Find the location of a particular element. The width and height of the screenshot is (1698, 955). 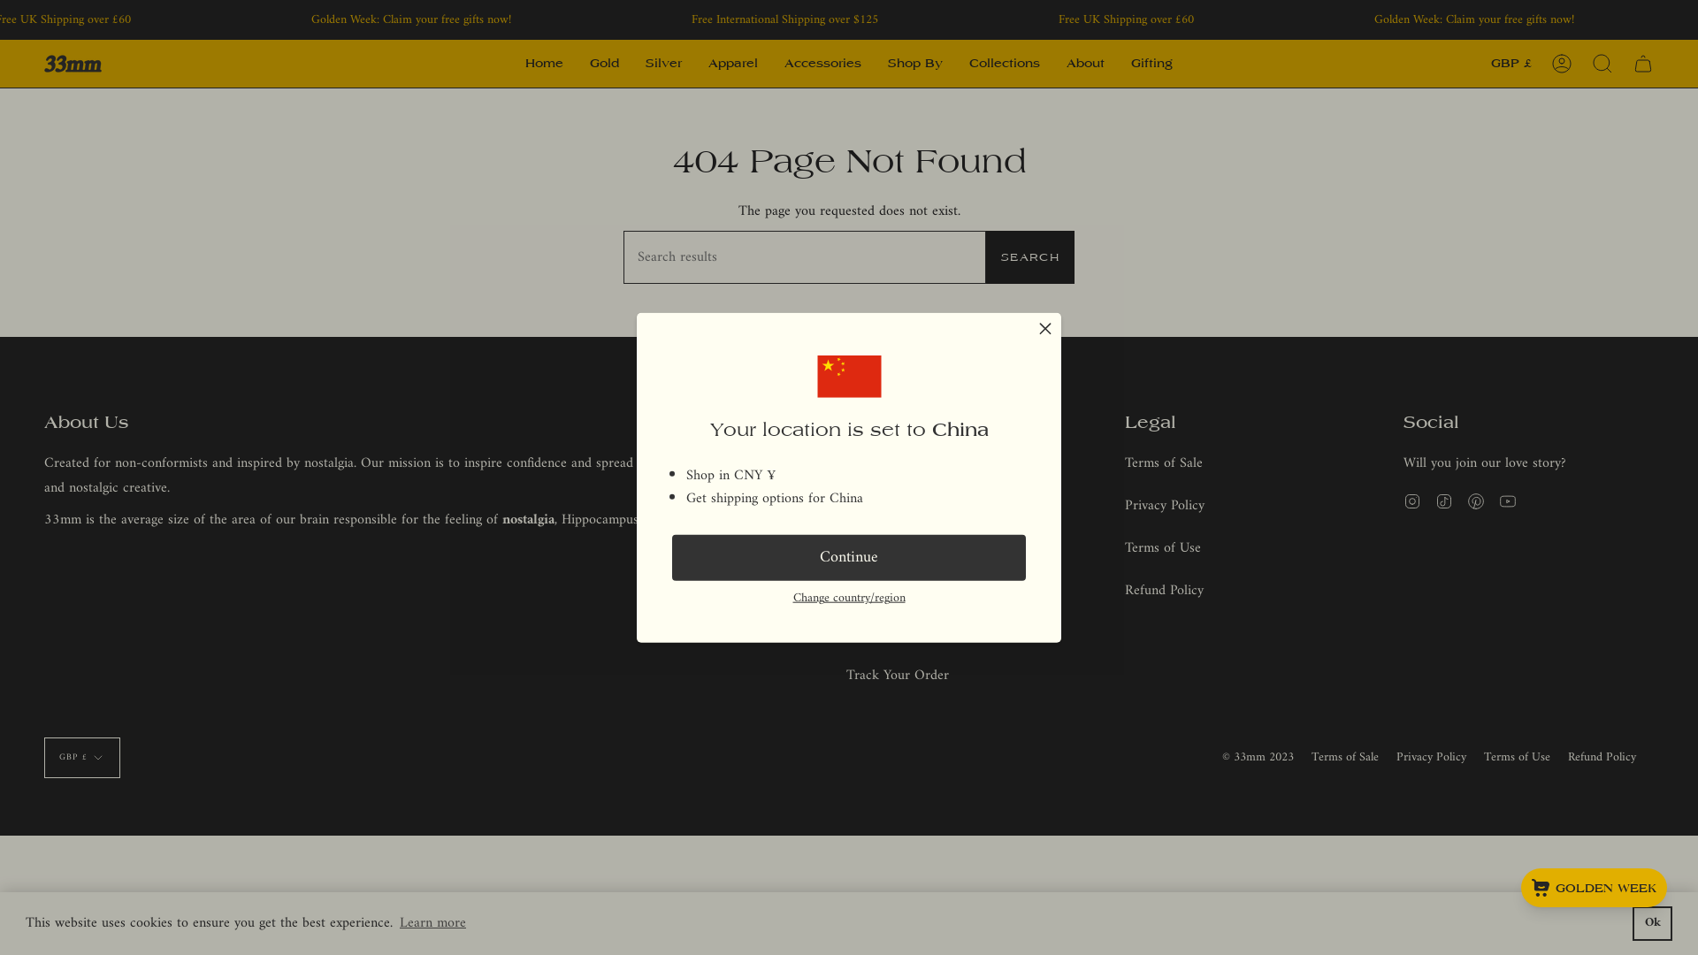

'FAQs' is located at coordinates (861, 547).